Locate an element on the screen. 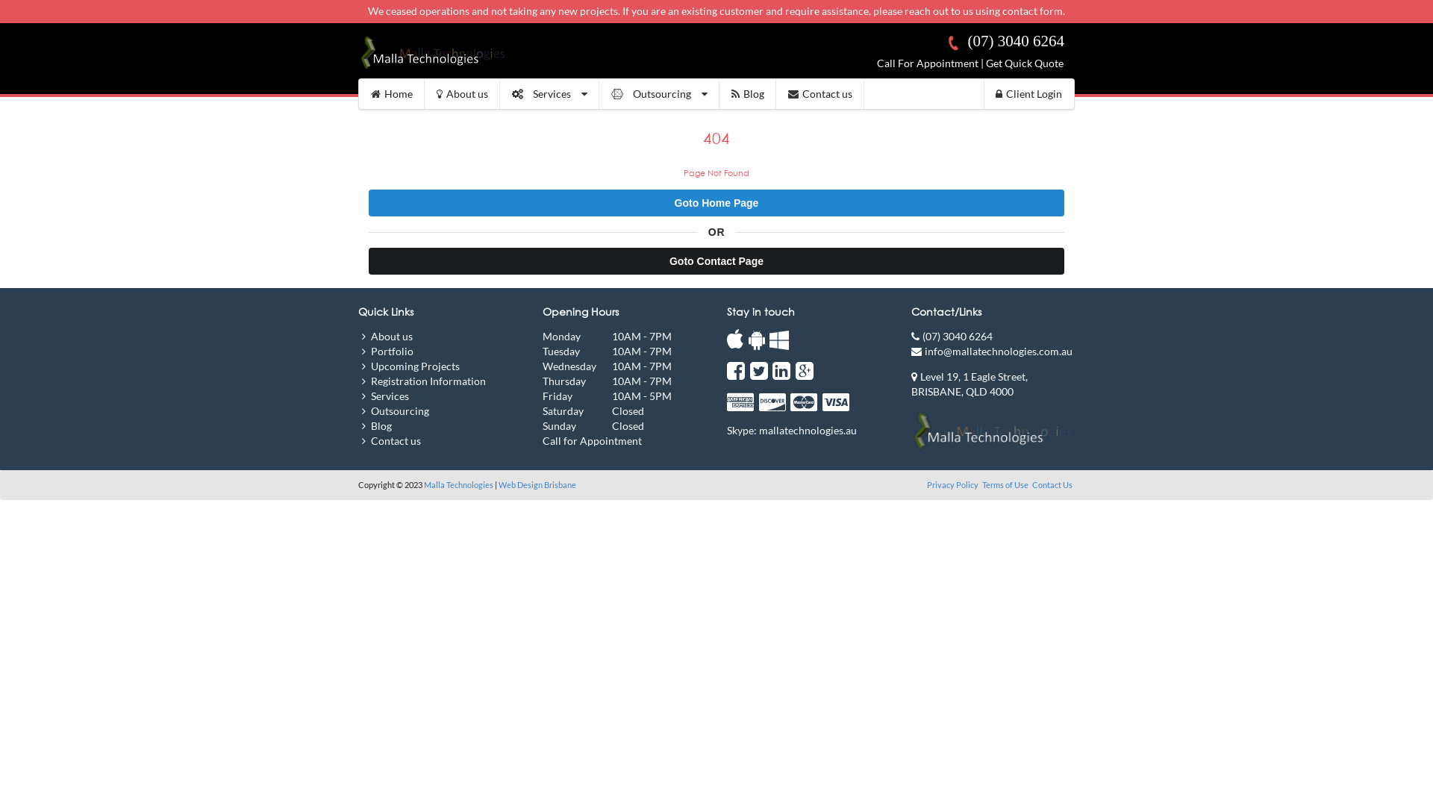 The width and height of the screenshot is (1433, 806). 'Contact Us' is located at coordinates (1052, 484).